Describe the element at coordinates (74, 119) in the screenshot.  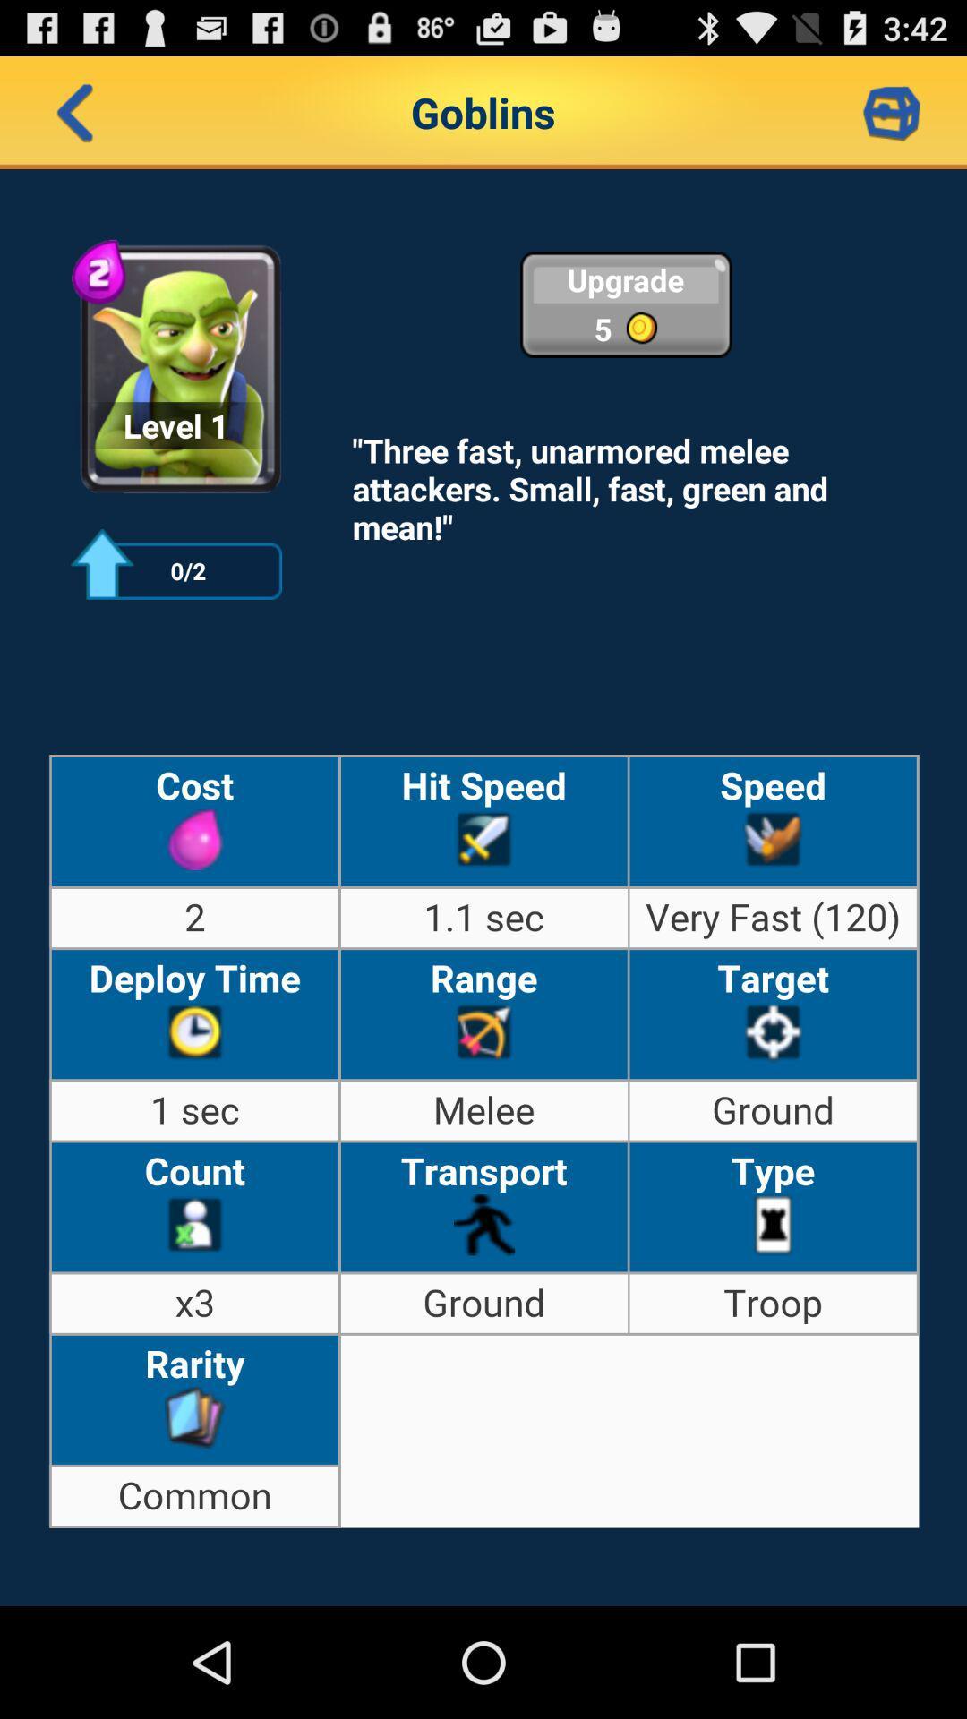
I see `the arrow_backward icon` at that location.